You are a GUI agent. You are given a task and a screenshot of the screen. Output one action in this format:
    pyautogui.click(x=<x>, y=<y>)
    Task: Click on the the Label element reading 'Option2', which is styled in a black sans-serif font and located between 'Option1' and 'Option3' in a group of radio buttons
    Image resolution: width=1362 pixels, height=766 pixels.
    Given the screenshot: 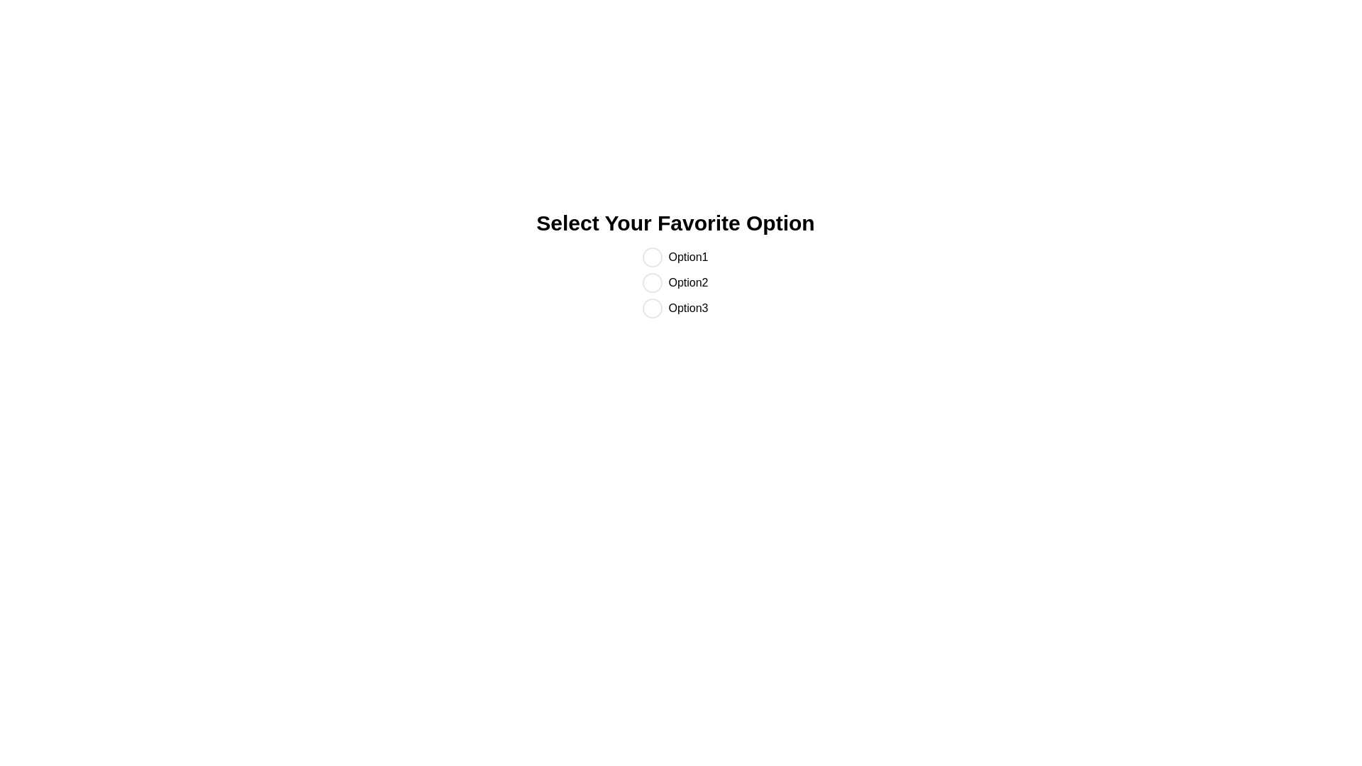 What is the action you would take?
    pyautogui.click(x=688, y=282)
    